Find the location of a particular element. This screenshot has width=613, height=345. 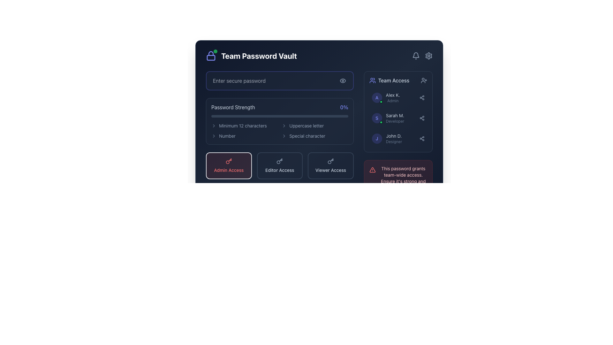

the notification icon located in the top-right corner of the interface is located at coordinates (416, 55).